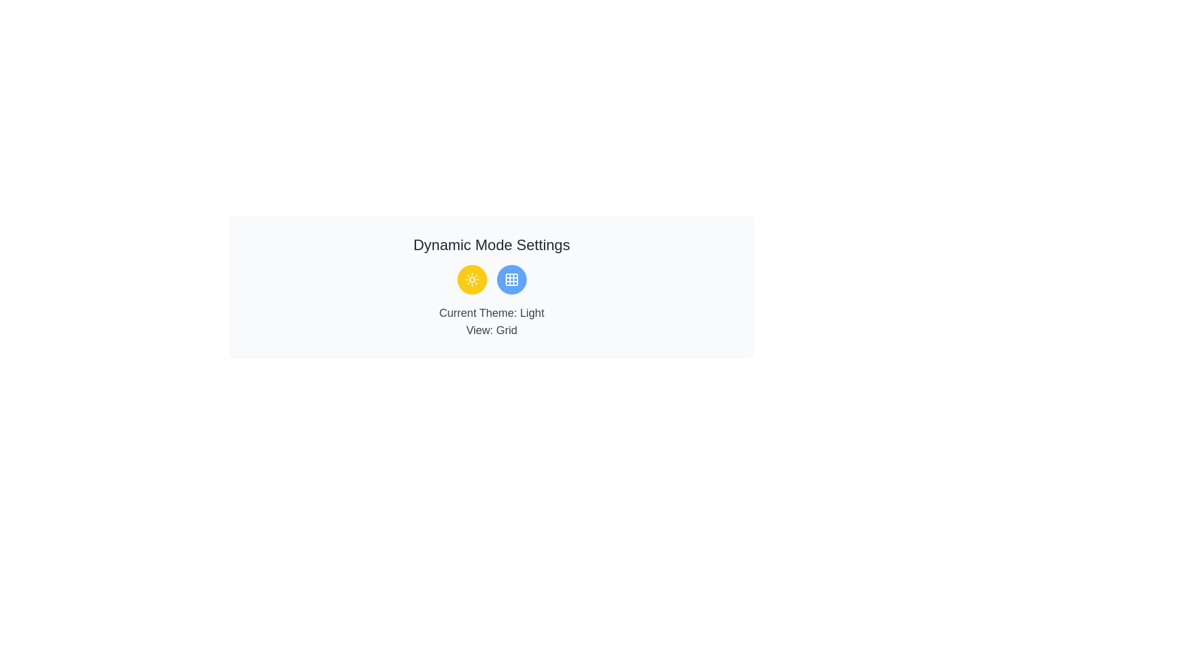  I want to click on the blue circular button with a white grid icon at its center, so click(511, 279).